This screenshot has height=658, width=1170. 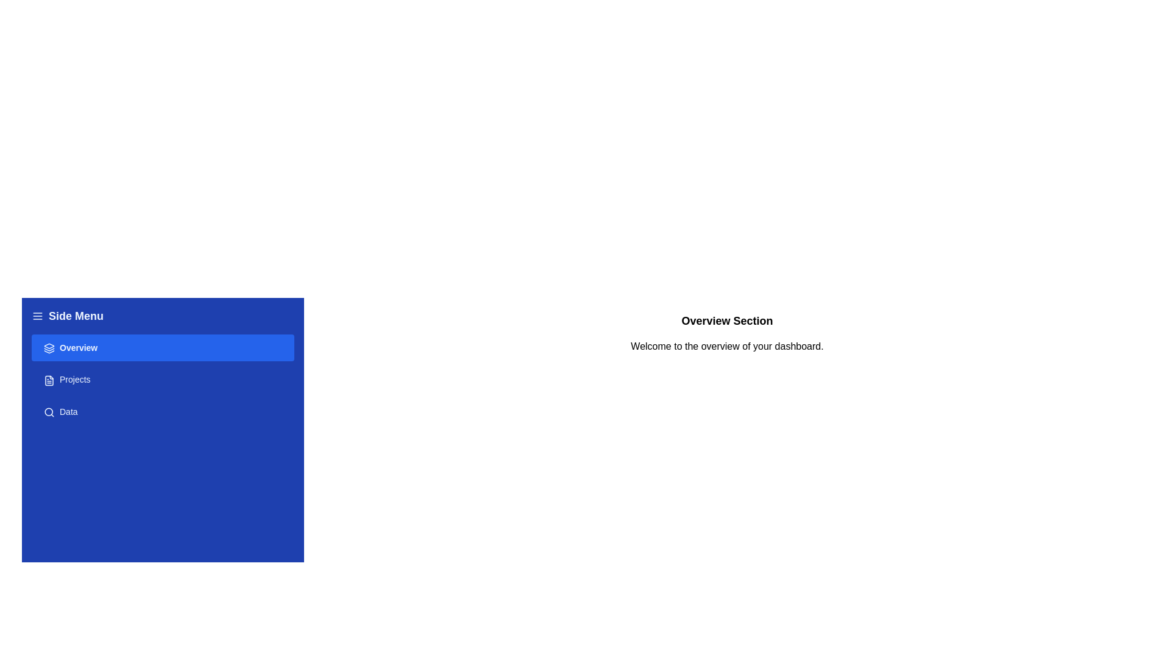 I want to click on the welcoming message text located below the 'Overview Section' heading in the central area of the interface, so click(x=727, y=347).